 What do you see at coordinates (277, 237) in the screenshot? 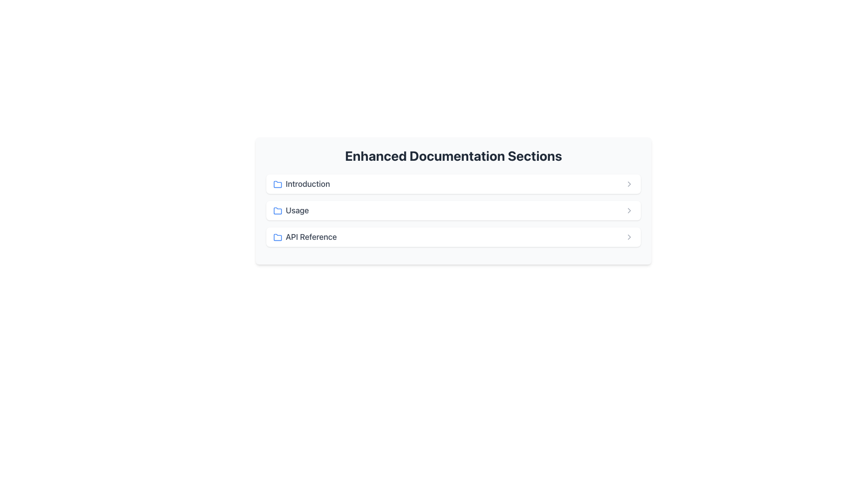
I see `the blue outlined folder icon located to the left of the 'API Reference' label on the third row of the vertical list` at bounding box center [277, 237].